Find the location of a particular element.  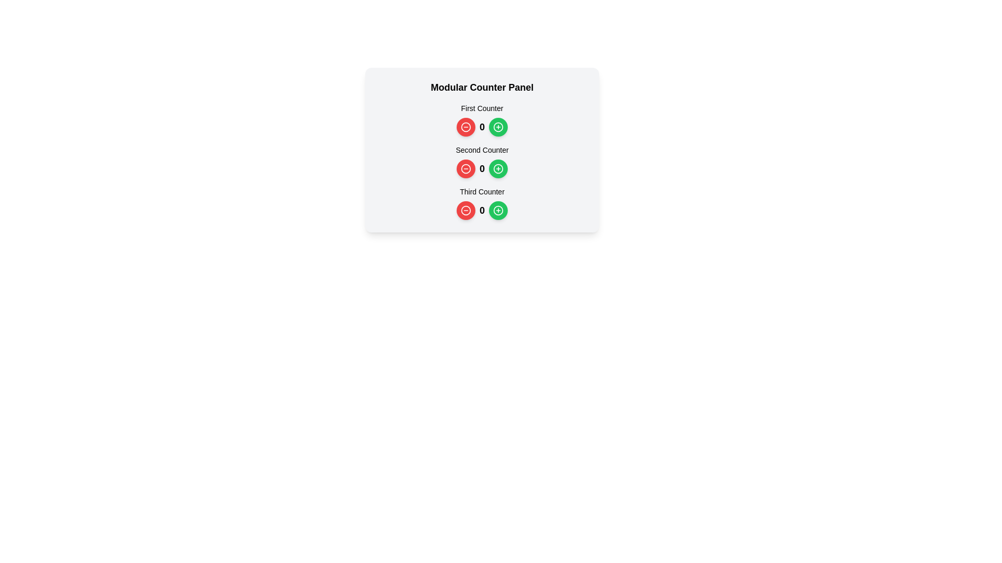

the rightmost button in the first row of controls labeled 'First Counter' is located at coordinates (498, 126).